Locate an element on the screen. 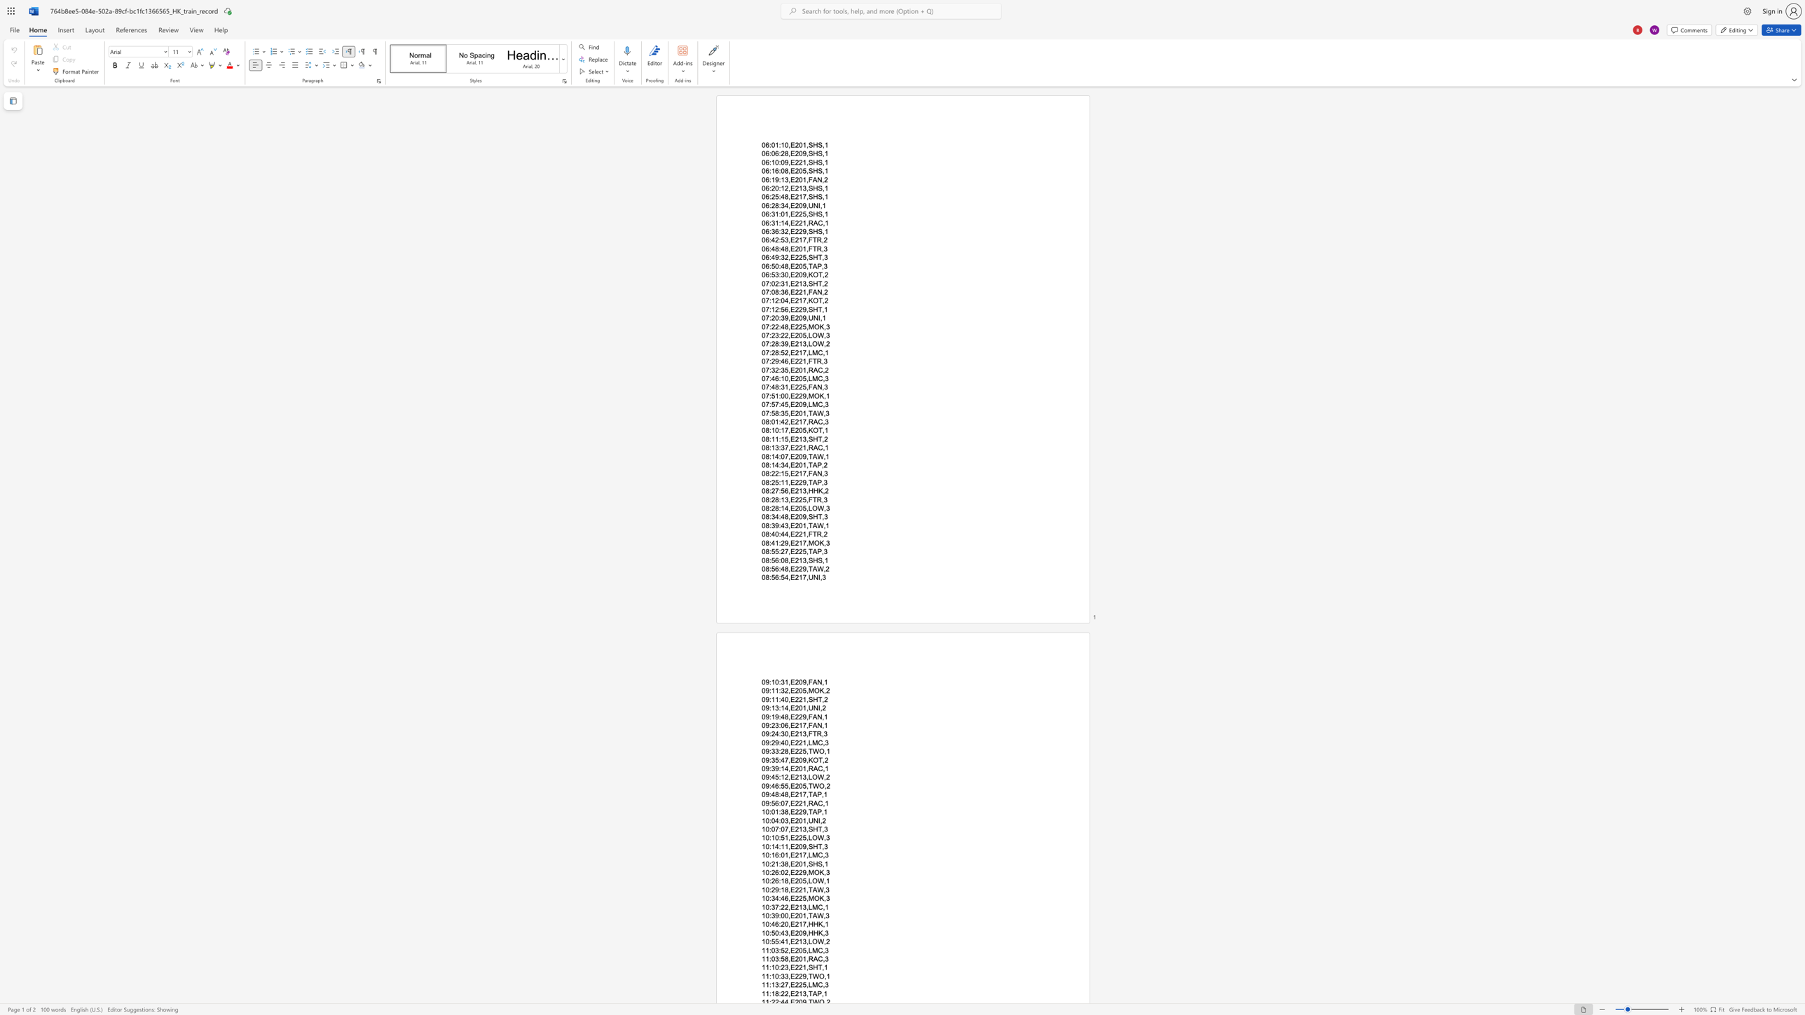 Image resolution: width=1805 pixels, height=1015 pixels. the space between the continuous character "E" and "2" in the text is located at coordinates (794, 897).